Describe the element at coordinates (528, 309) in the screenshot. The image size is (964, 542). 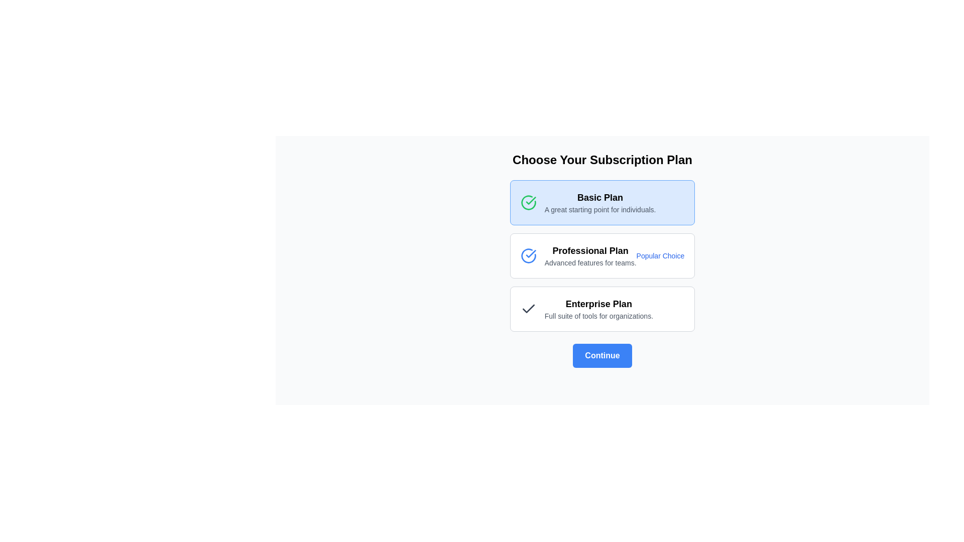
I see `the gray checkmark icon located in the 'Enterprise Plan' section, positioned to the left of the plan description text` at that location.